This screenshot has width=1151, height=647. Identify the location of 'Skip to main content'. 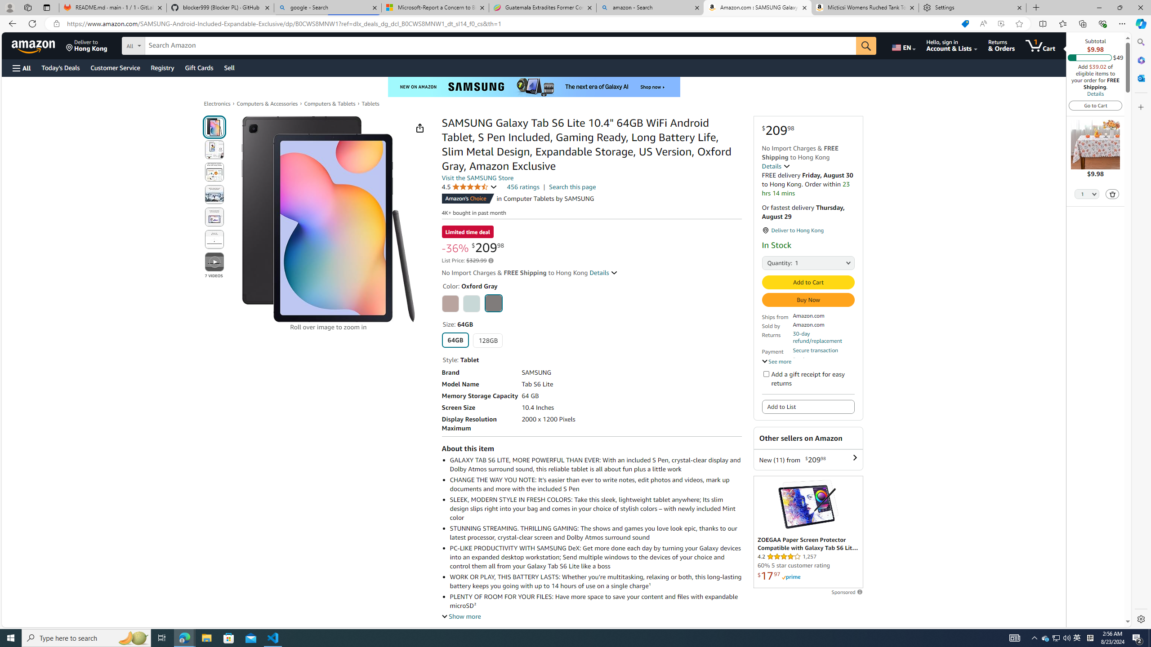
(38, 44).